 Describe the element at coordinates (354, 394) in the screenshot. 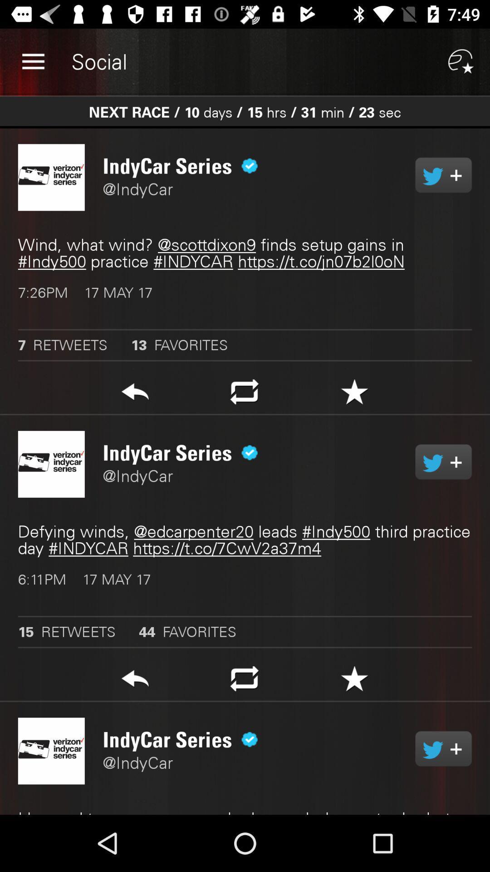

I see `star tweet from may 17 2017` at that location.